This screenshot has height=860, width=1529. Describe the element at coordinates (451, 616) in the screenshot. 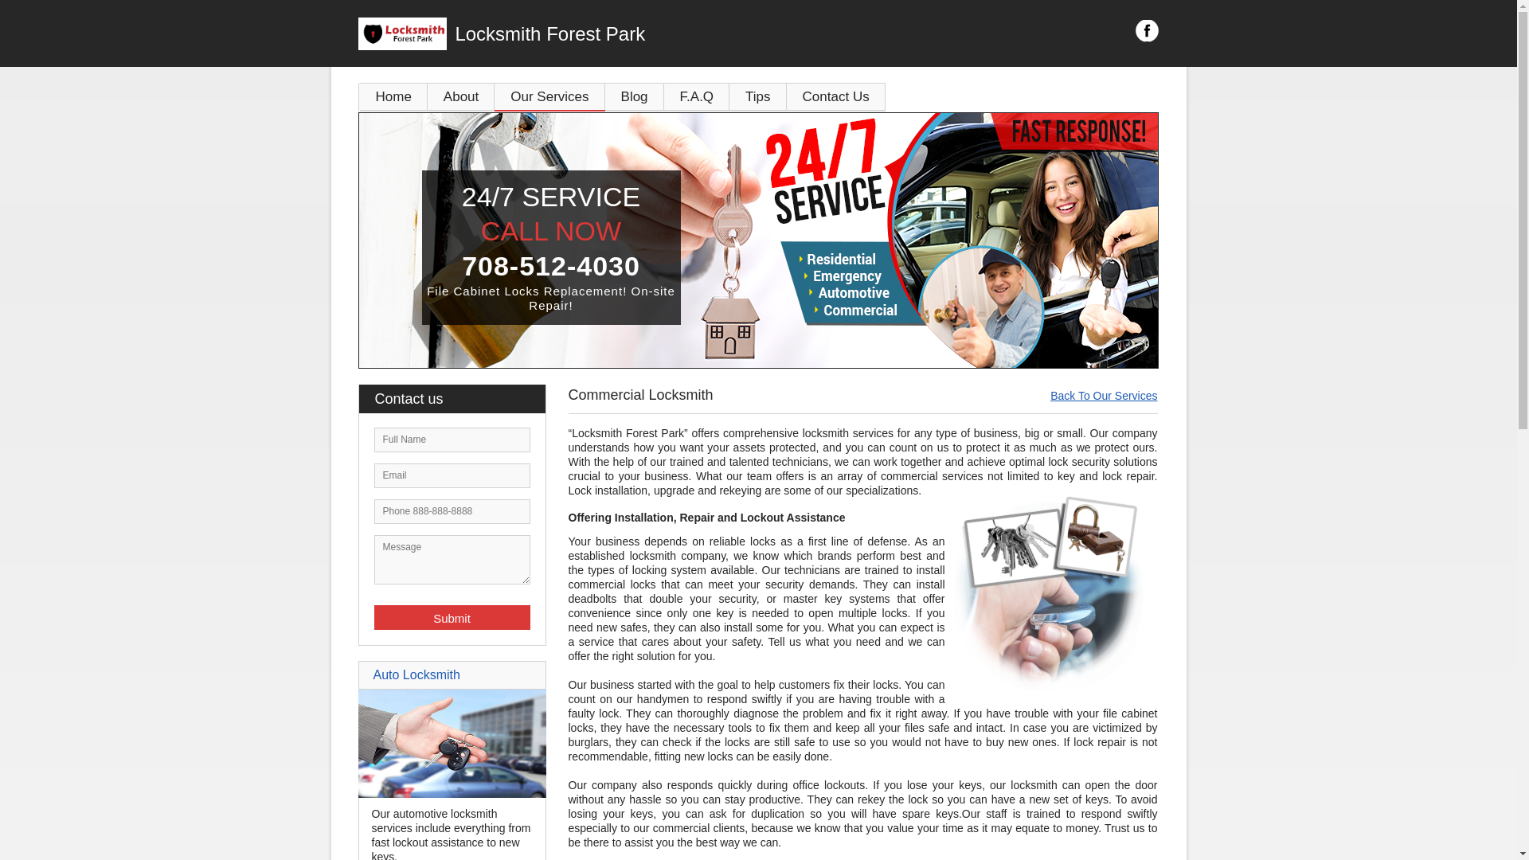

I see `'Submit'` at that location.